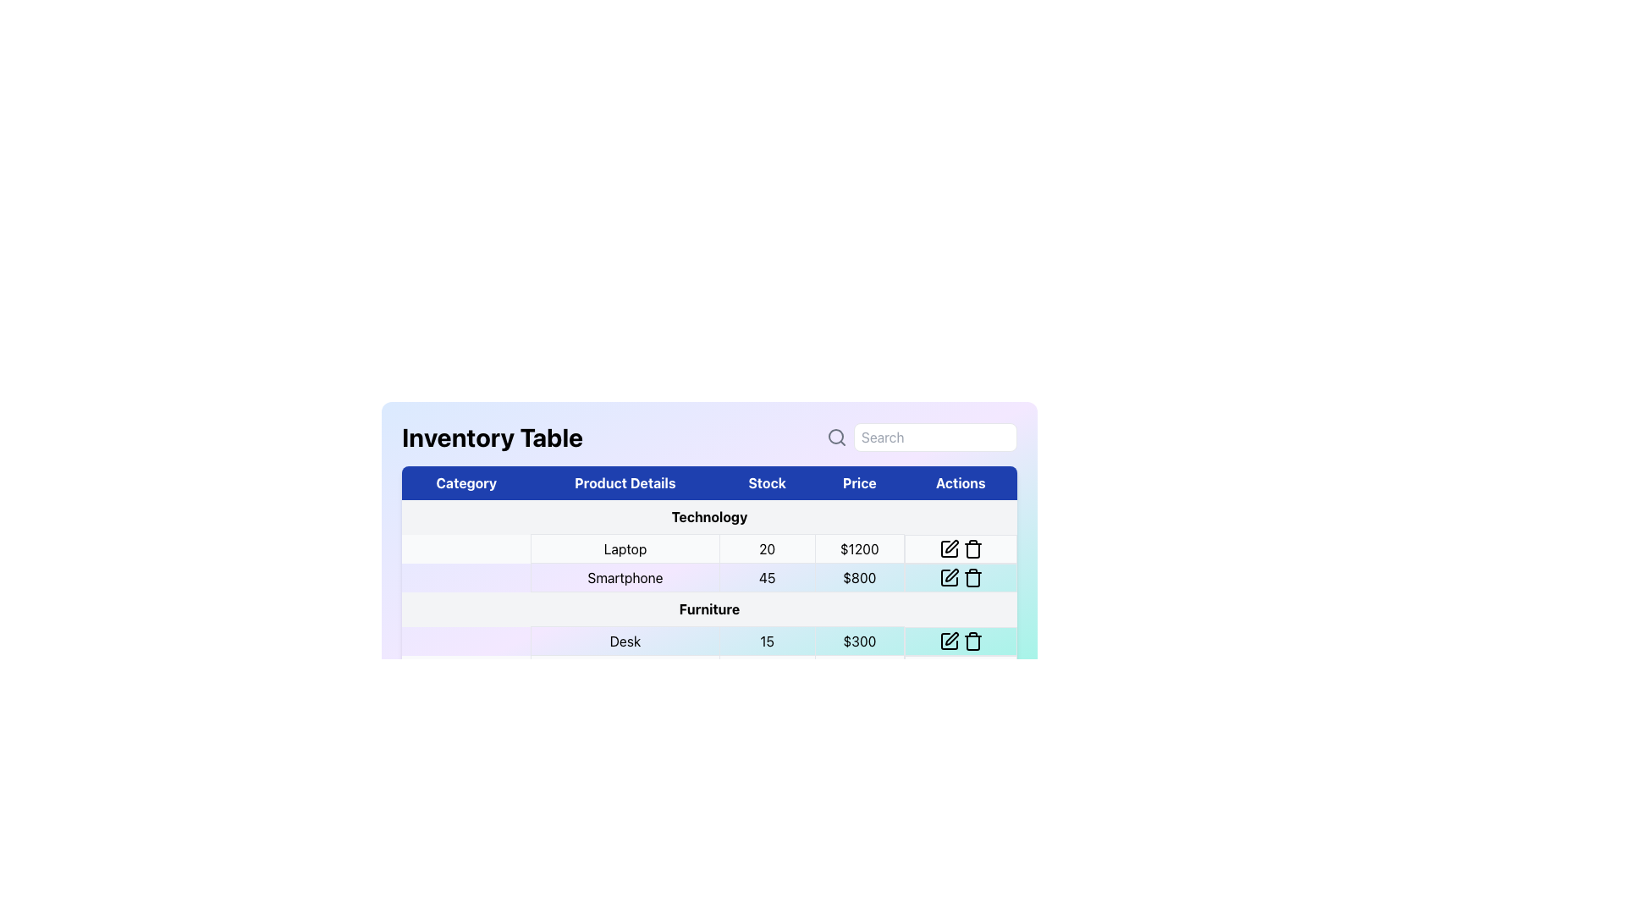  What do you see at coordinates (709, 609) in the screenshot?
I see `the static text label representing the third product category in the table, located under the 'Category' column, which follows 'Technology' and 'Smartphone'` at bounding box center [709, 609].